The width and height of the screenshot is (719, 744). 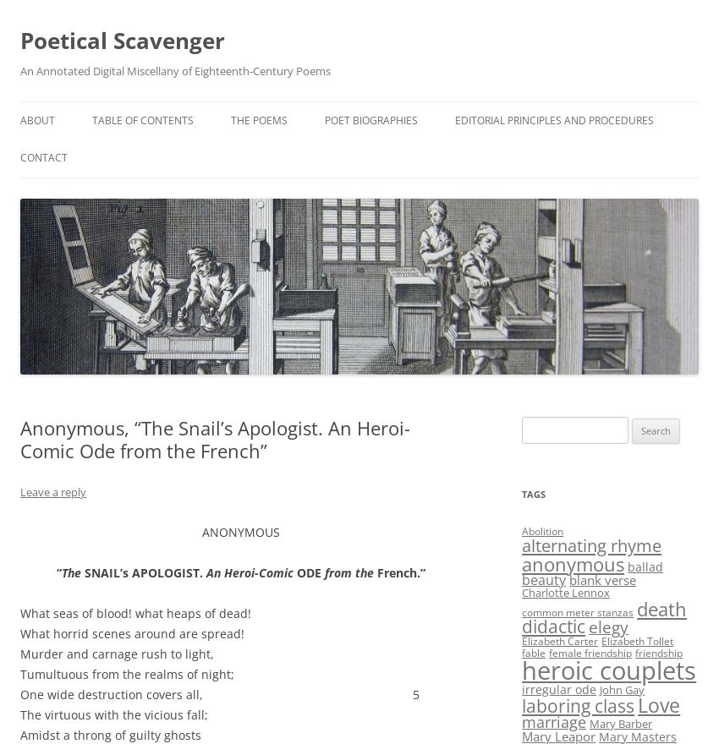 What do you see at coordinates (37, 120) in the screenshot?
I see `'About'` at bounding box center [37, 120].